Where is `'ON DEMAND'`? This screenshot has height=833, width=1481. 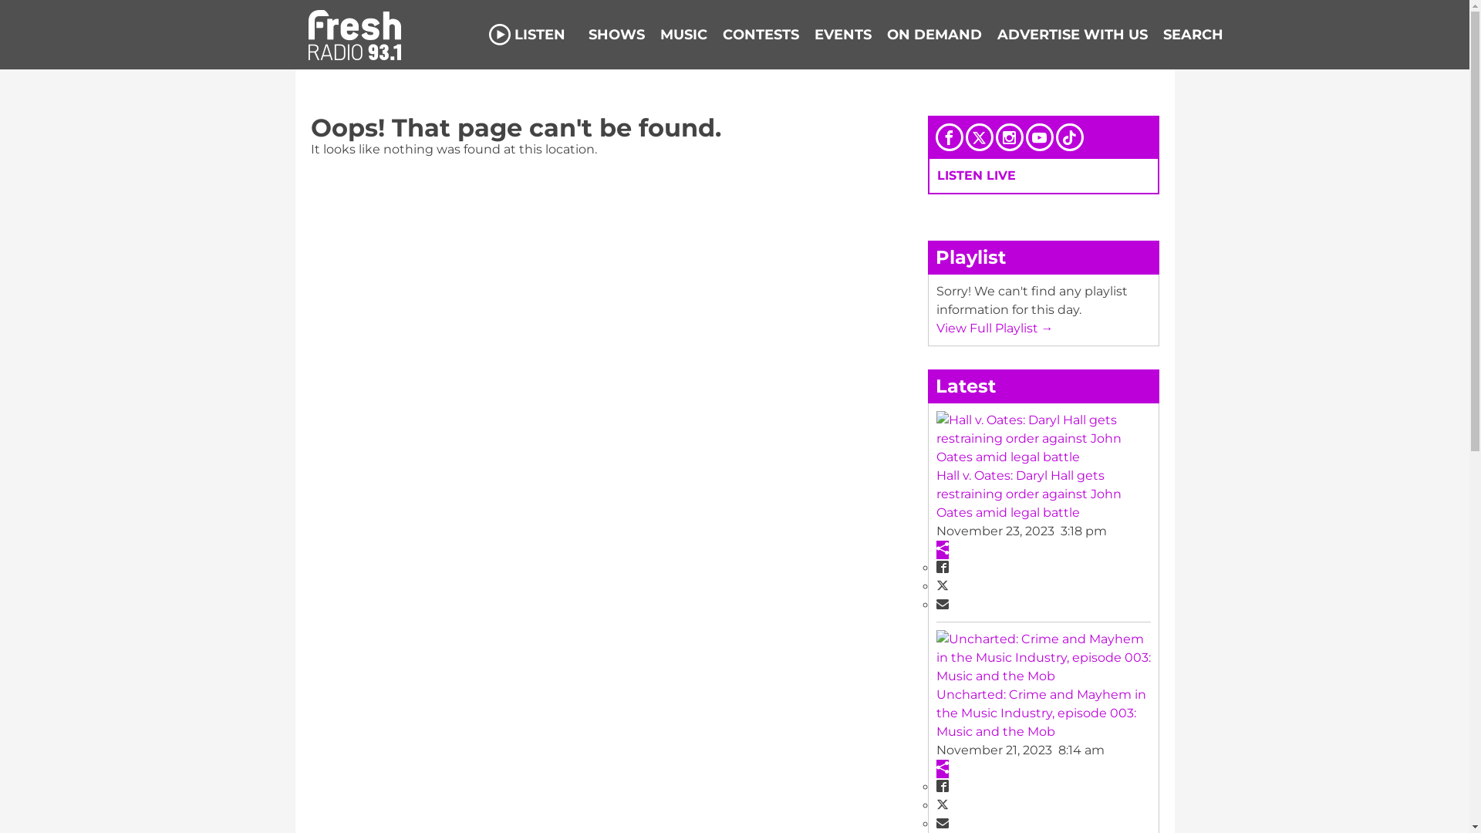
'ON DEMAND' is located at coordinates (879, 35).